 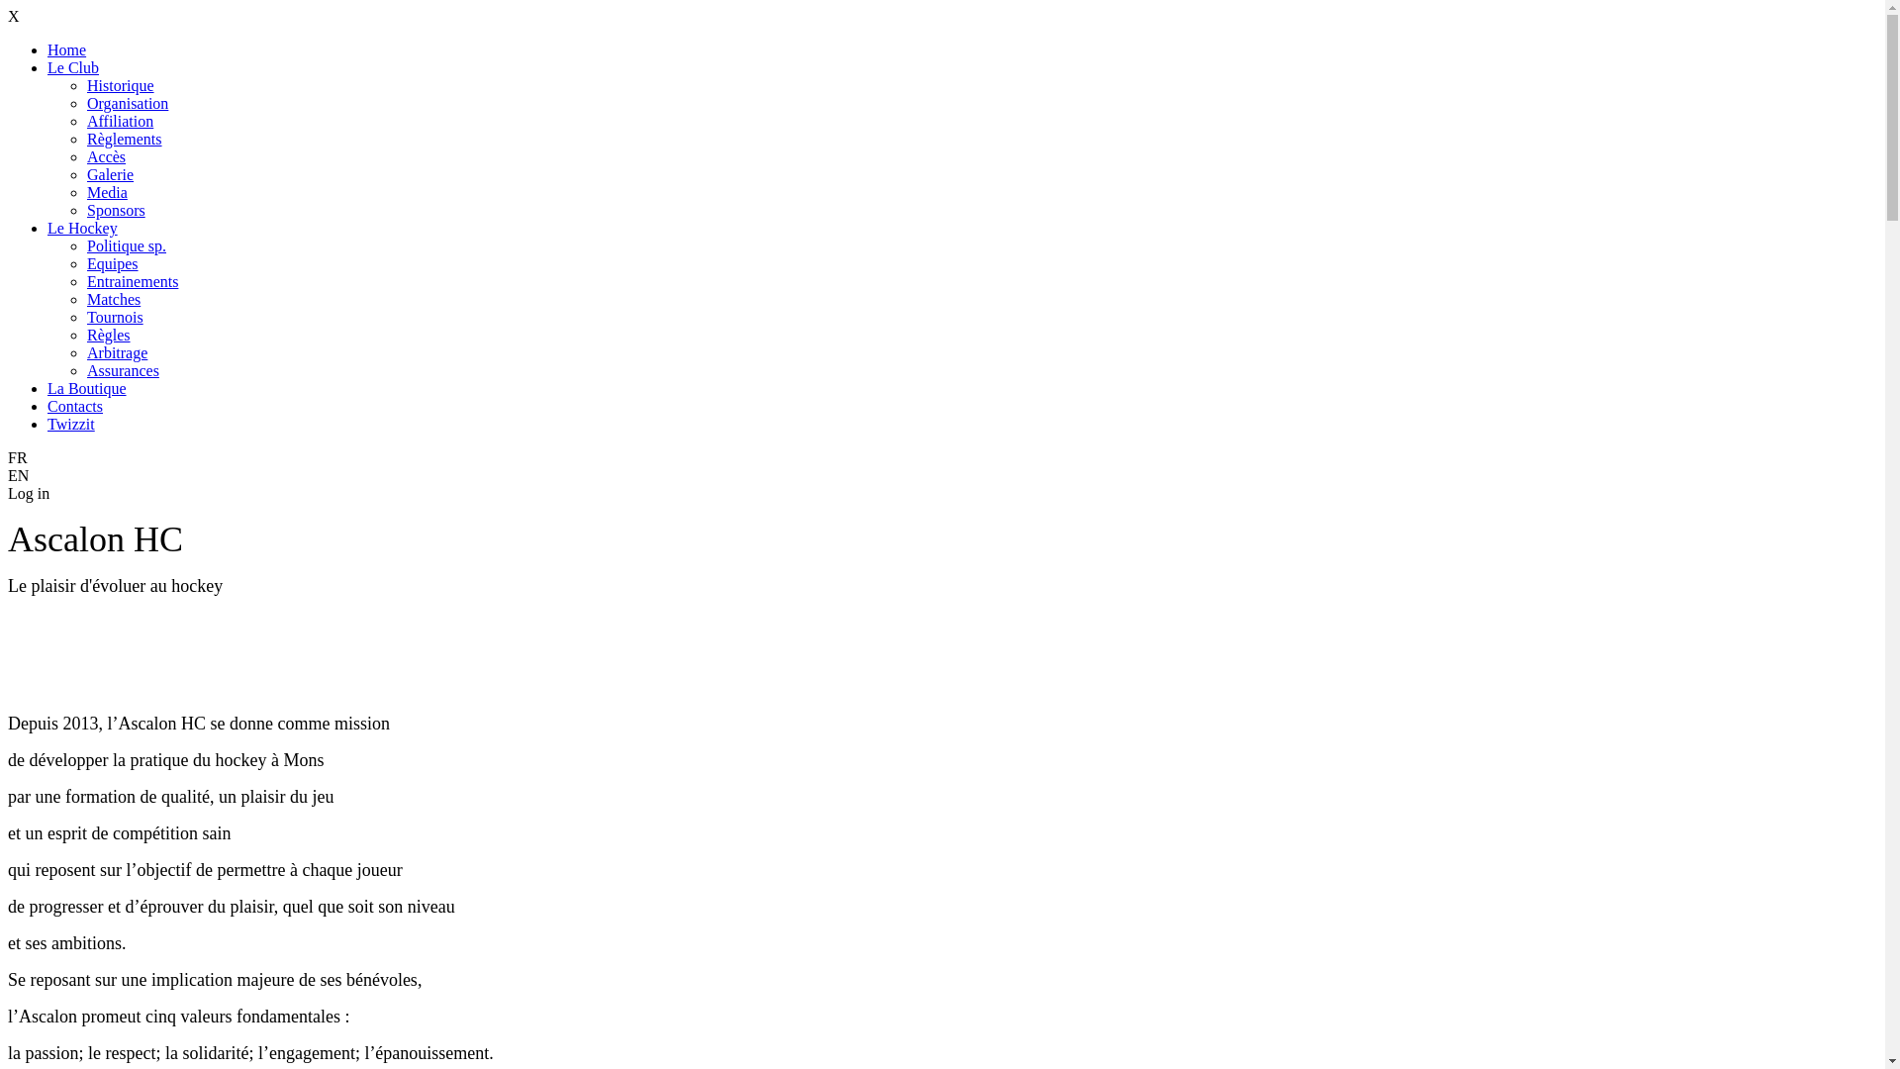 I want to click on 'La Boutique', so click(x=47, y=388).